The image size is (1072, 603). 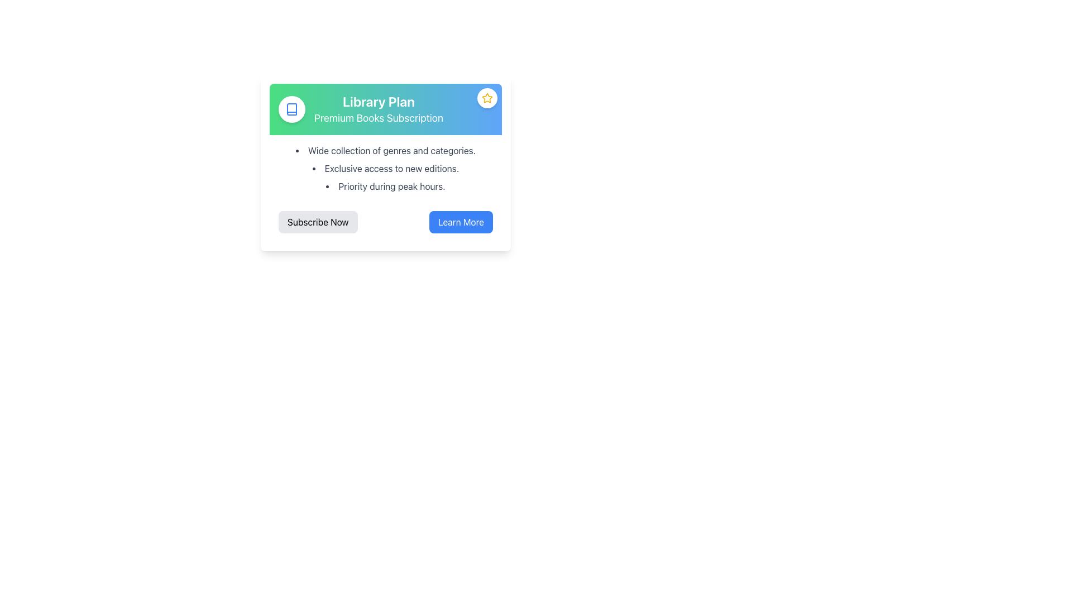 I want to click on the circular button in the top-right corner of the 'Library Plan' card, so click(x=487, y=98).